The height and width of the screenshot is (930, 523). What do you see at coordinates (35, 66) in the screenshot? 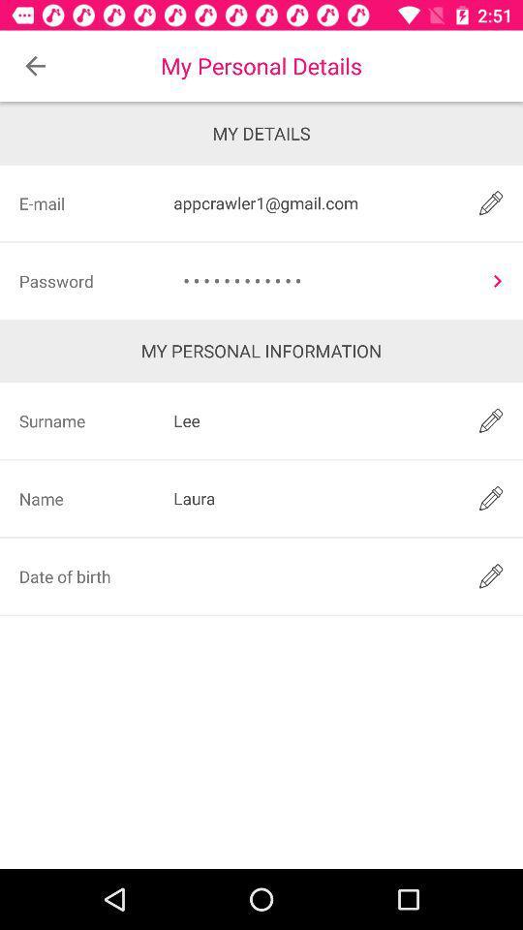
I see `icon next to the my personal details` at bounding box center [35, 66].